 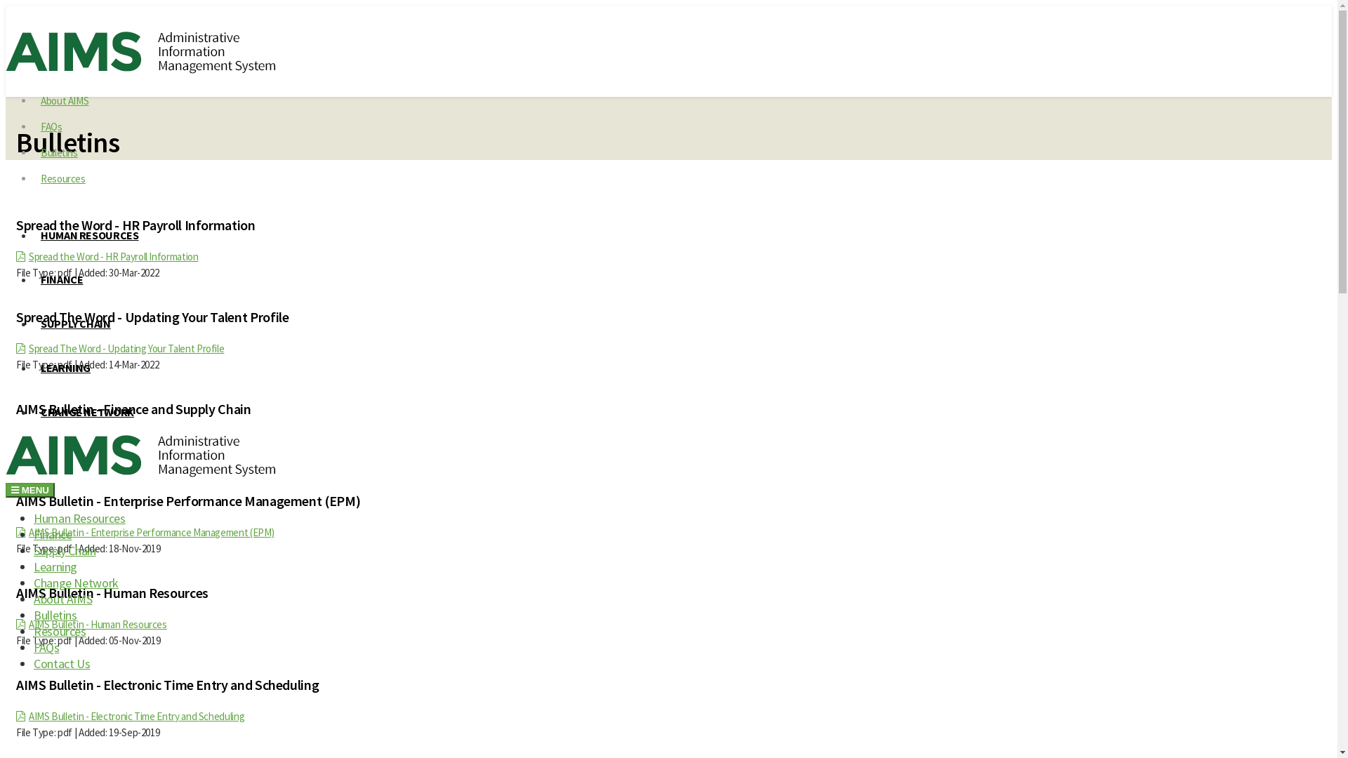 I want to click on 'FINANCE', so click(x=60, y=279).